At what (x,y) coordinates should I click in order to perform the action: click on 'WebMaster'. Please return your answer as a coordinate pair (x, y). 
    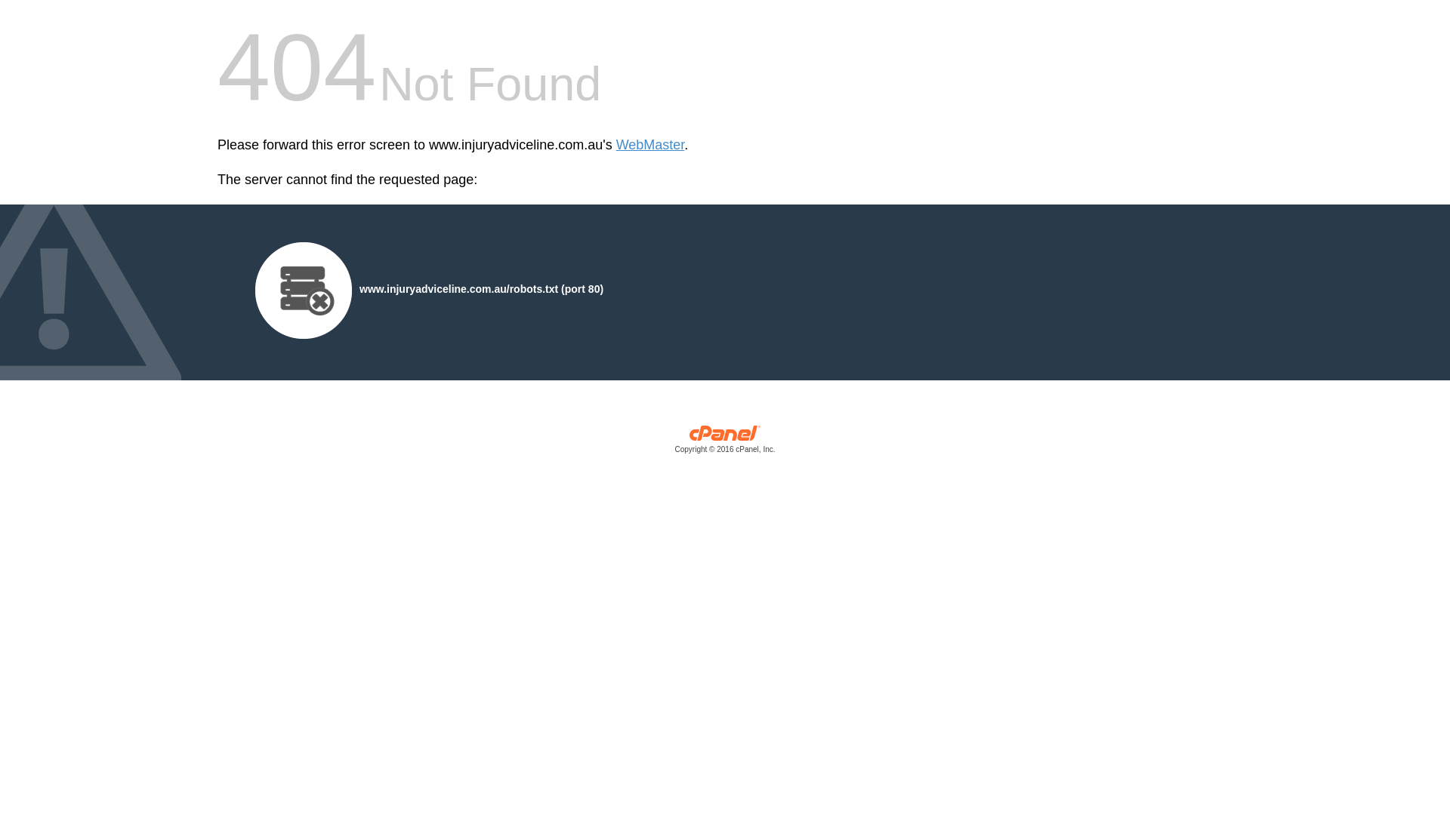
    Looking at the image, I should click on (616, 145).